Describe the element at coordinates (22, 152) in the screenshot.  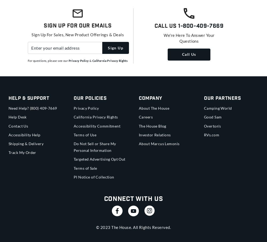
I see `'Track My Order'` at that location.